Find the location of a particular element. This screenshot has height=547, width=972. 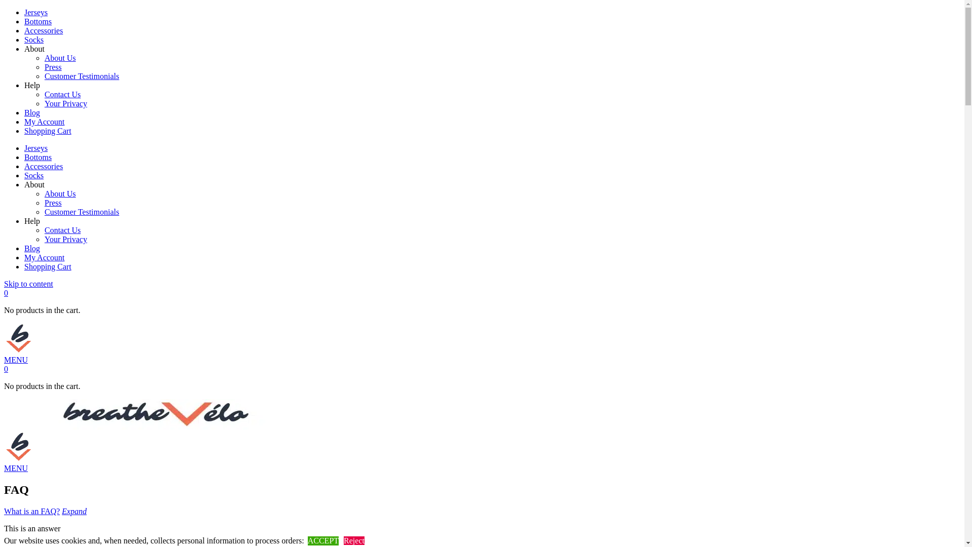

'Customer Testimonials' is located at coordinates (44, 211).